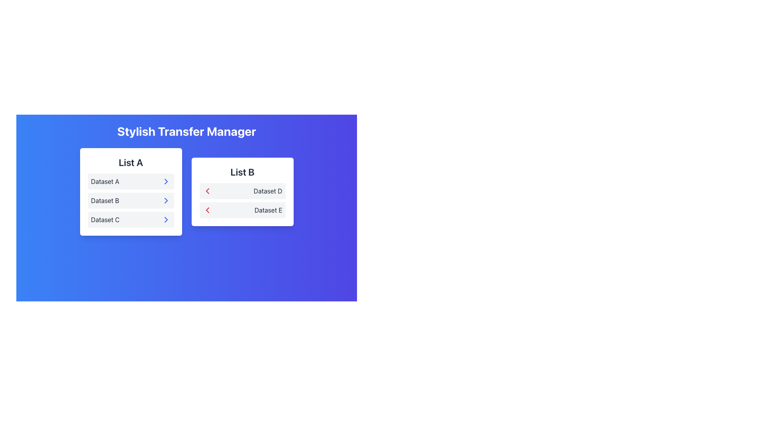  Describe the element at coordinates (165, 219) in the screenshot. I see `the interactive button located to the right of 'Dataset C'` at that location.